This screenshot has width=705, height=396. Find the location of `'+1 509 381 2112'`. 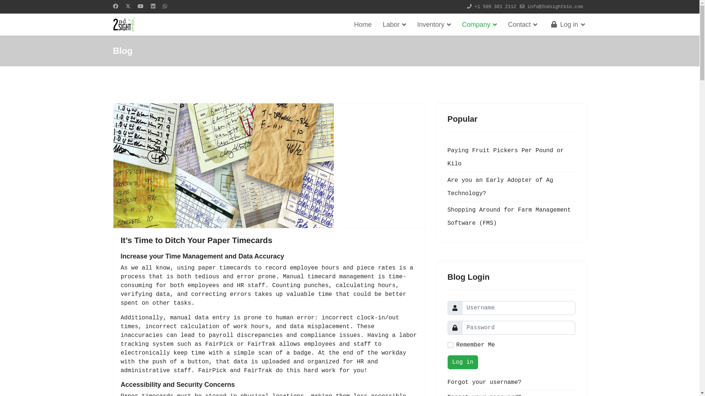

'+1 509 381 2112' is located at coordinates (495, 7).